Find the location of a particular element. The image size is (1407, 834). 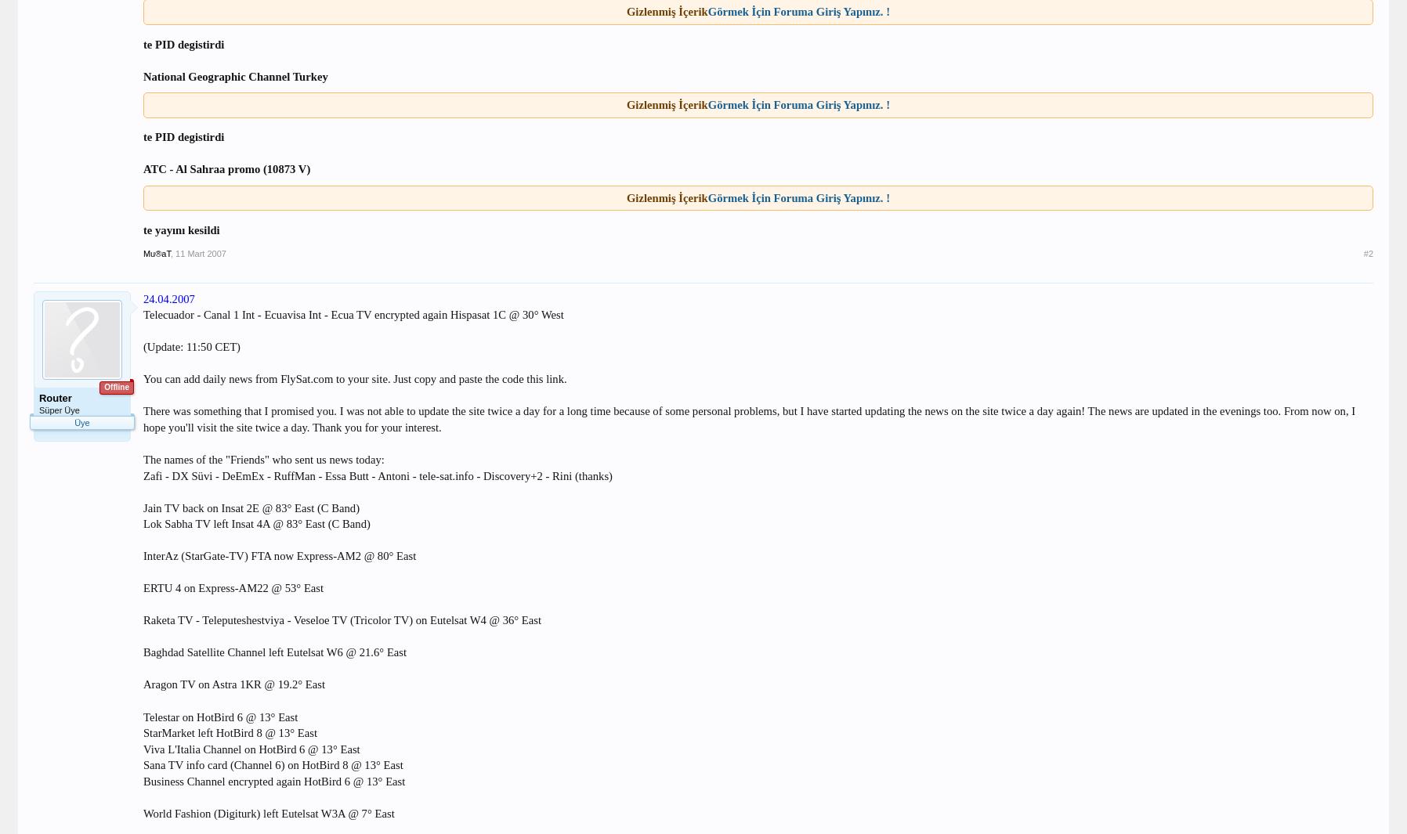

'Üye' is located at coordinates (81, 421).